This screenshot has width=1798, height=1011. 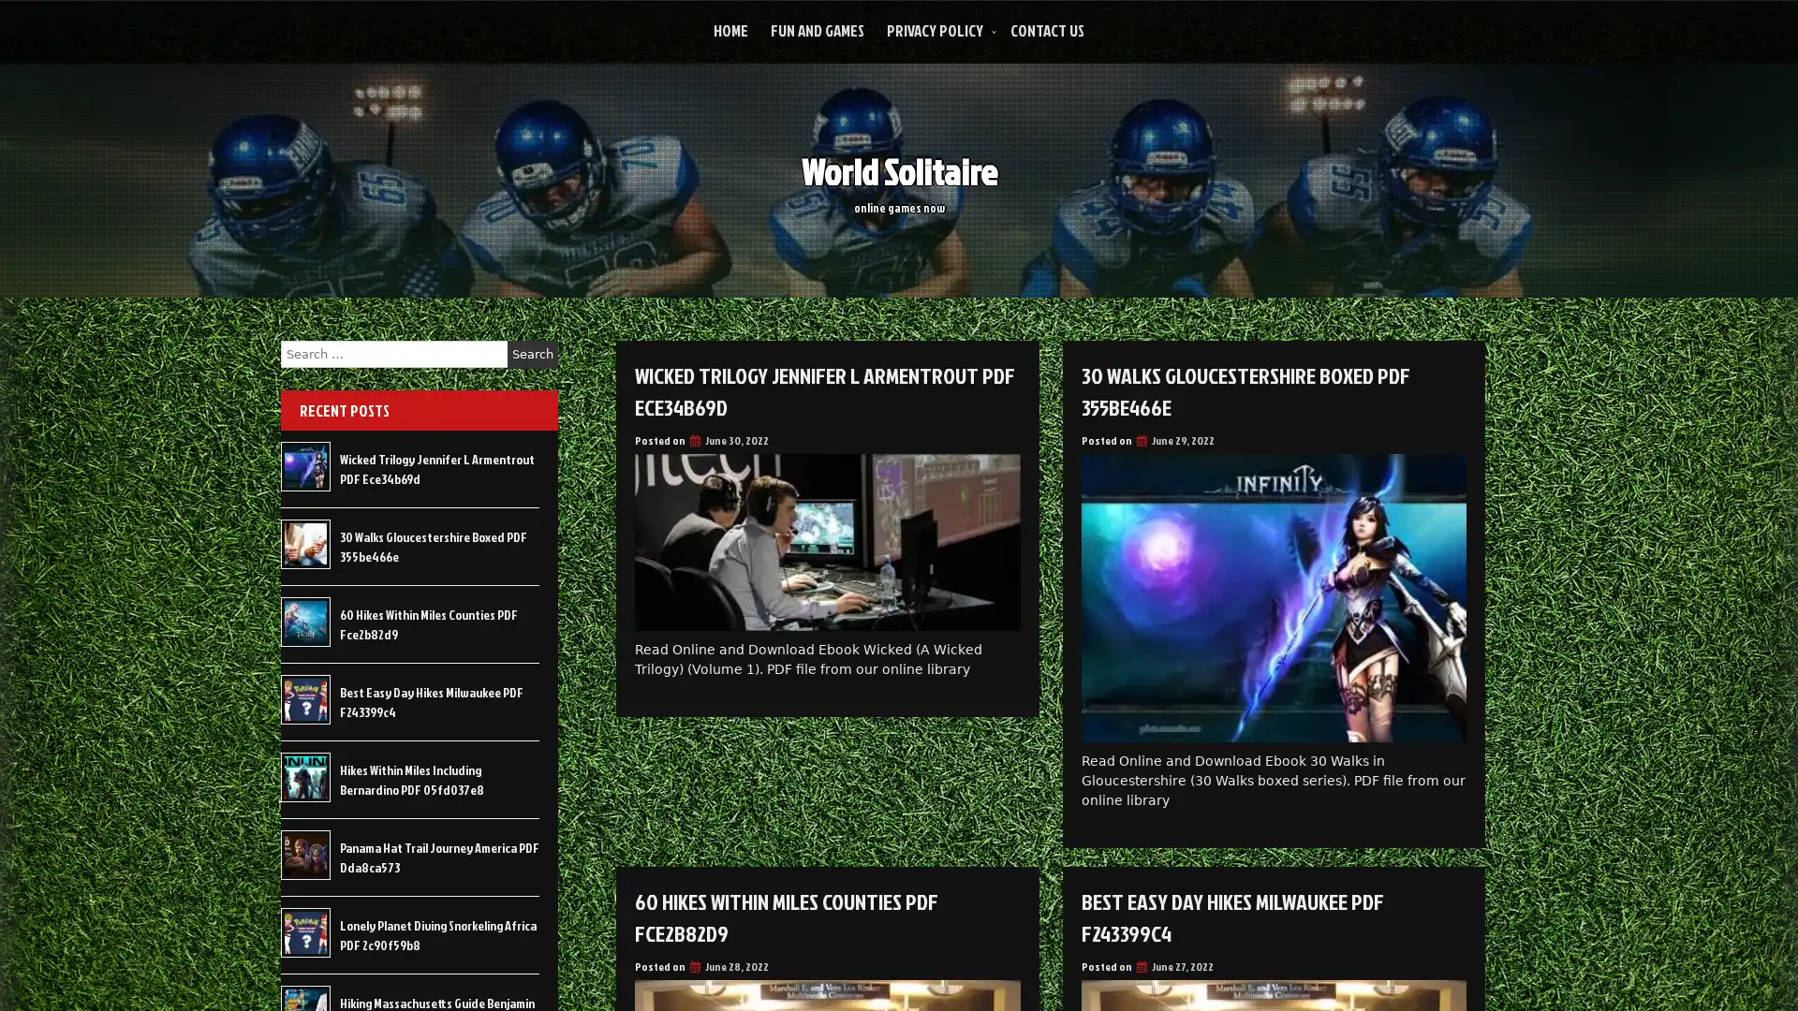 What do you see at coordinates (532, 354) in the screenshot?
I see `Search` at bounding box center [532, 354].